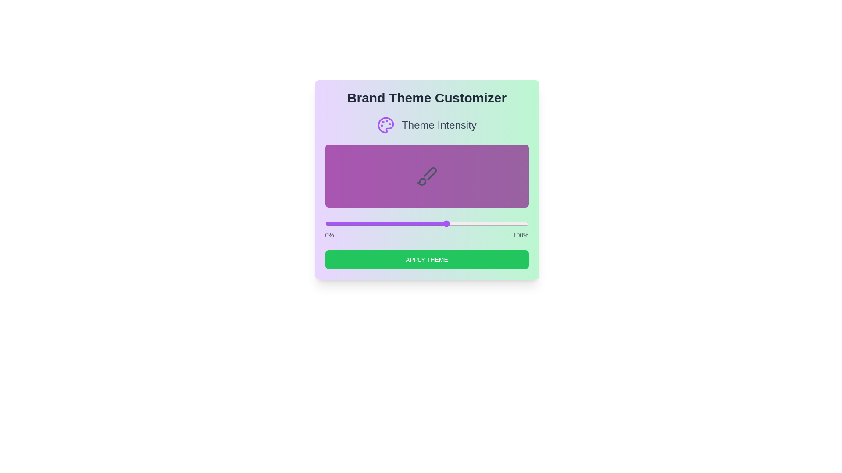 Image resolution: width=842 pixels, height=473 pixels. What do you see at coordinates (447, 223) in the screenshot?
I see `the theme intensity to 60 percent using the slider` at bounding box center [447, 223].